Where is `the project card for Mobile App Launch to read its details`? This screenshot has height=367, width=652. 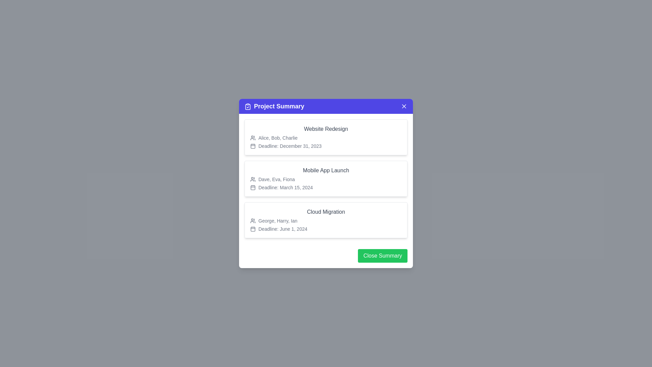
the project card for Mobile App Launch to read its details is located at coordinates (326, 178).